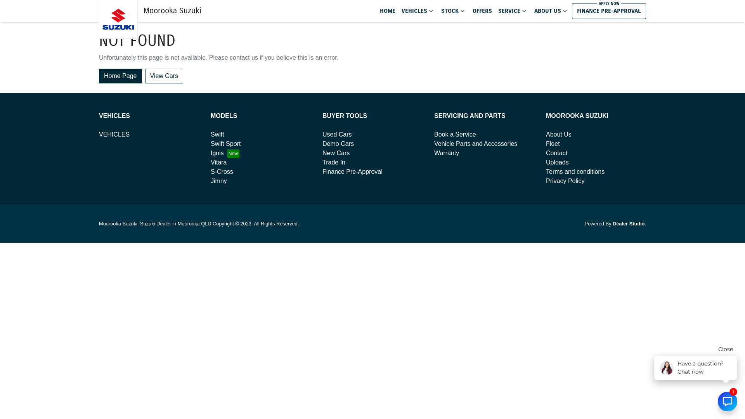 The height and width of the screenshot is (419, 745). What do you see at coordinates (551, 11) in the screenshot?
I see `'ABOUT US'` at bounding box center [551, 11].